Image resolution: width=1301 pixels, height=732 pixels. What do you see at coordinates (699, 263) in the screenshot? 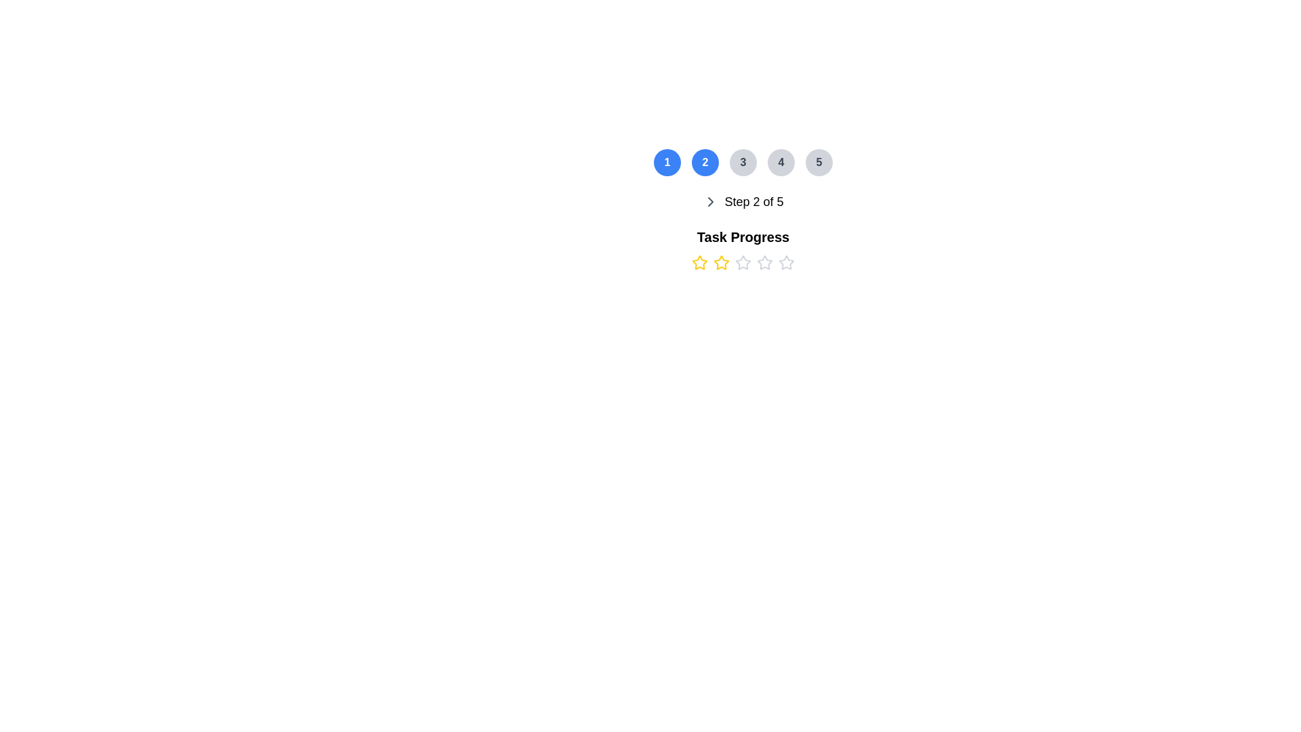
I see `the first yellow star icon in the horizontal sequence` at bounding box center [699, 263].